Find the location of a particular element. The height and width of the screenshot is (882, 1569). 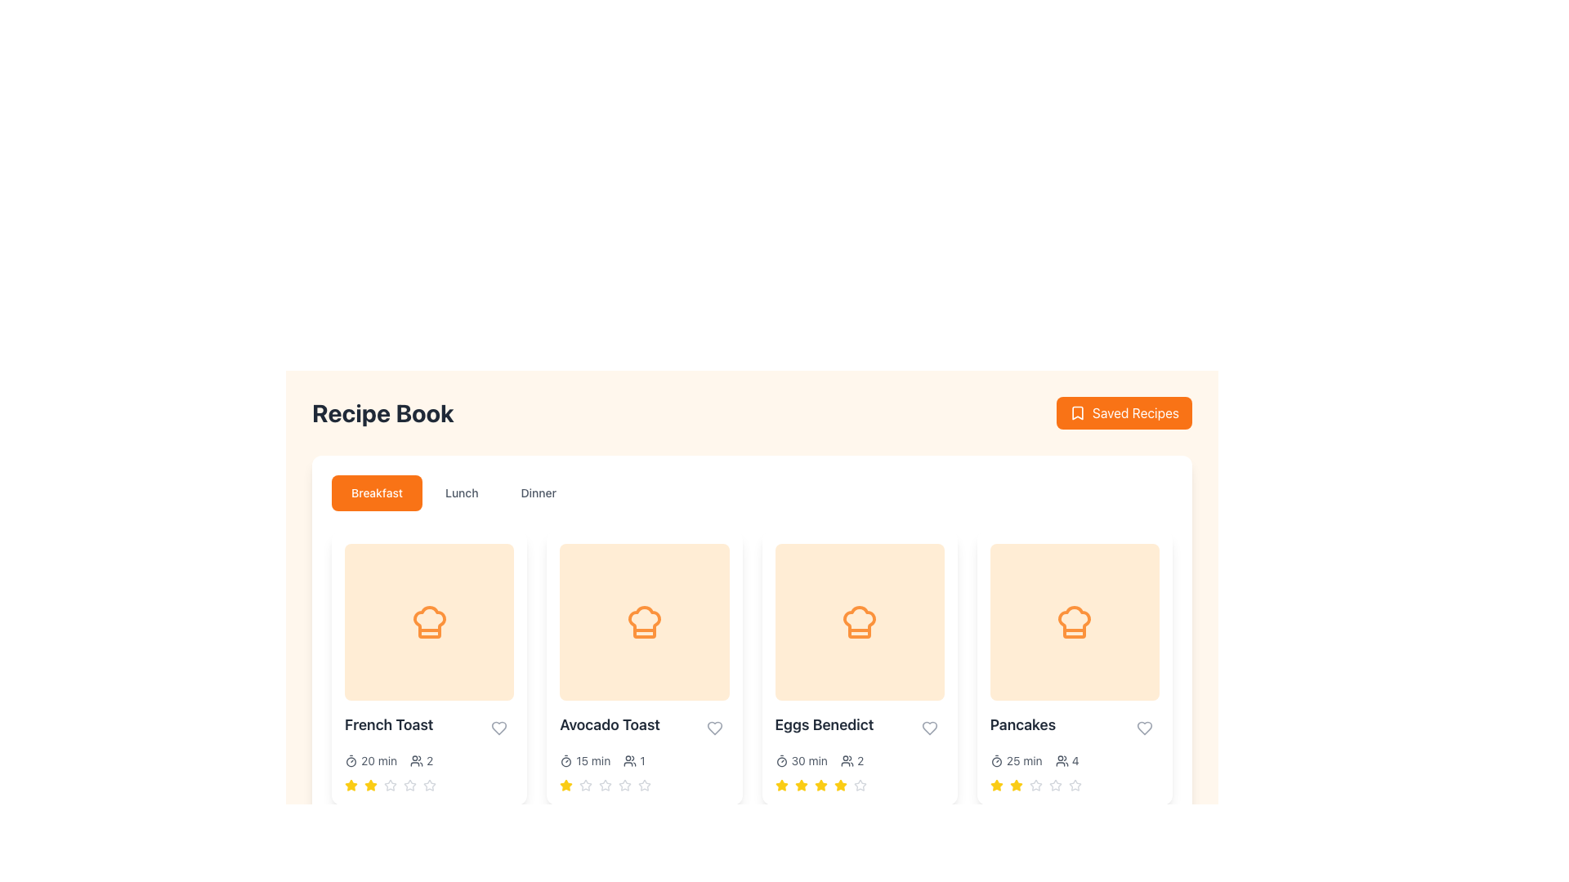

the 'Saved Recipes' button which contains a label indicating its purpose is located at coordinates (1134, 412).